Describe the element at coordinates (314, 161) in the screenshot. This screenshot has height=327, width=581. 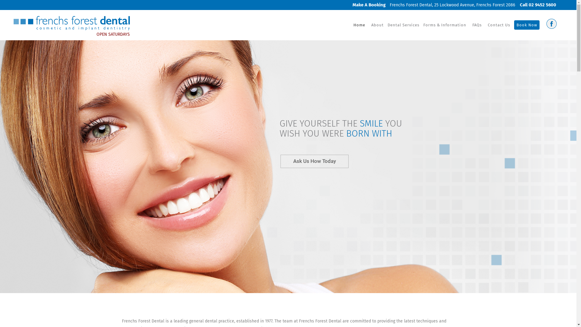
I see `'Ask Us How Today'` at that location.